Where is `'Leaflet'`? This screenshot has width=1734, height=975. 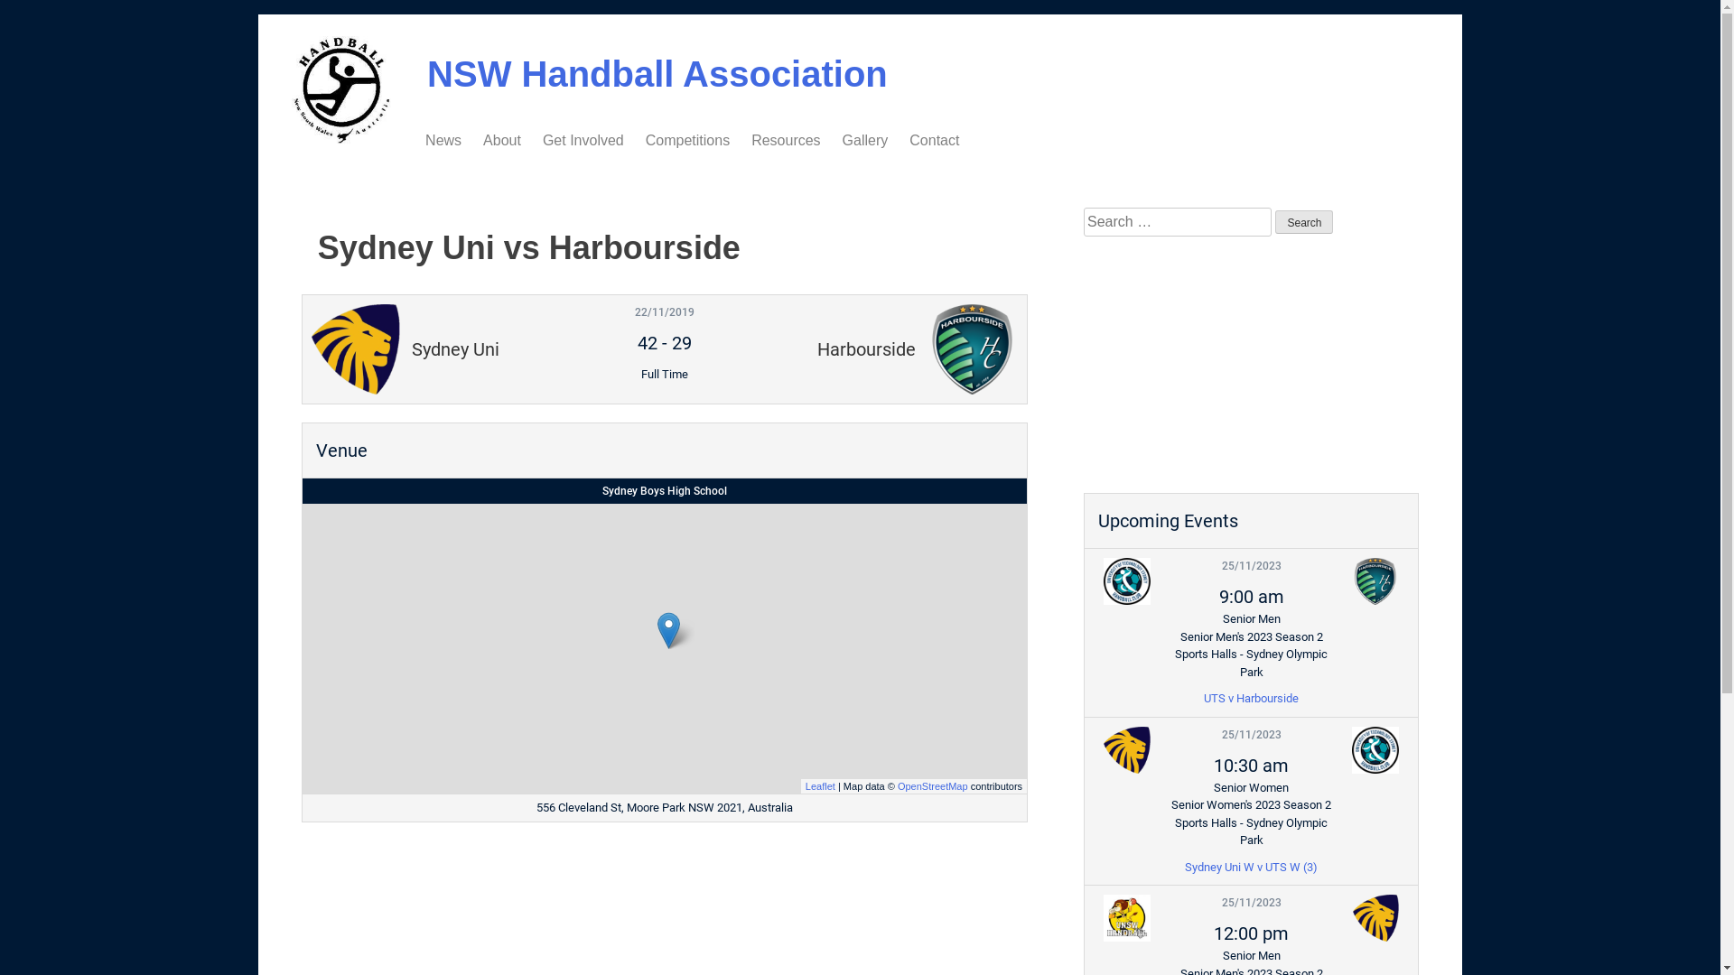 'Leaflet' is located at coordinates (819, 785).